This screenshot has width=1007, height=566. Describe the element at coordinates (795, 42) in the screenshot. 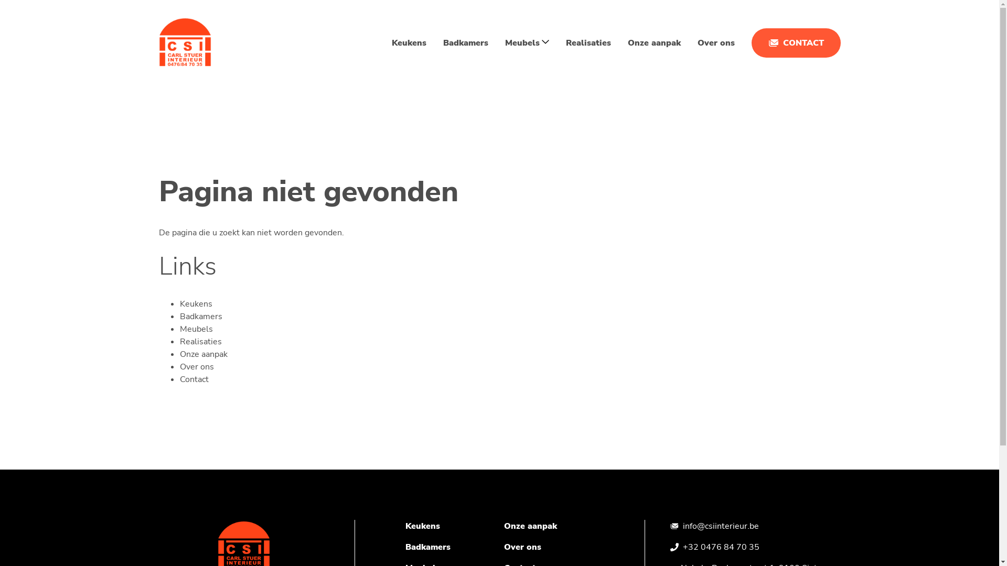

I see `'CONTACT'` at that location.